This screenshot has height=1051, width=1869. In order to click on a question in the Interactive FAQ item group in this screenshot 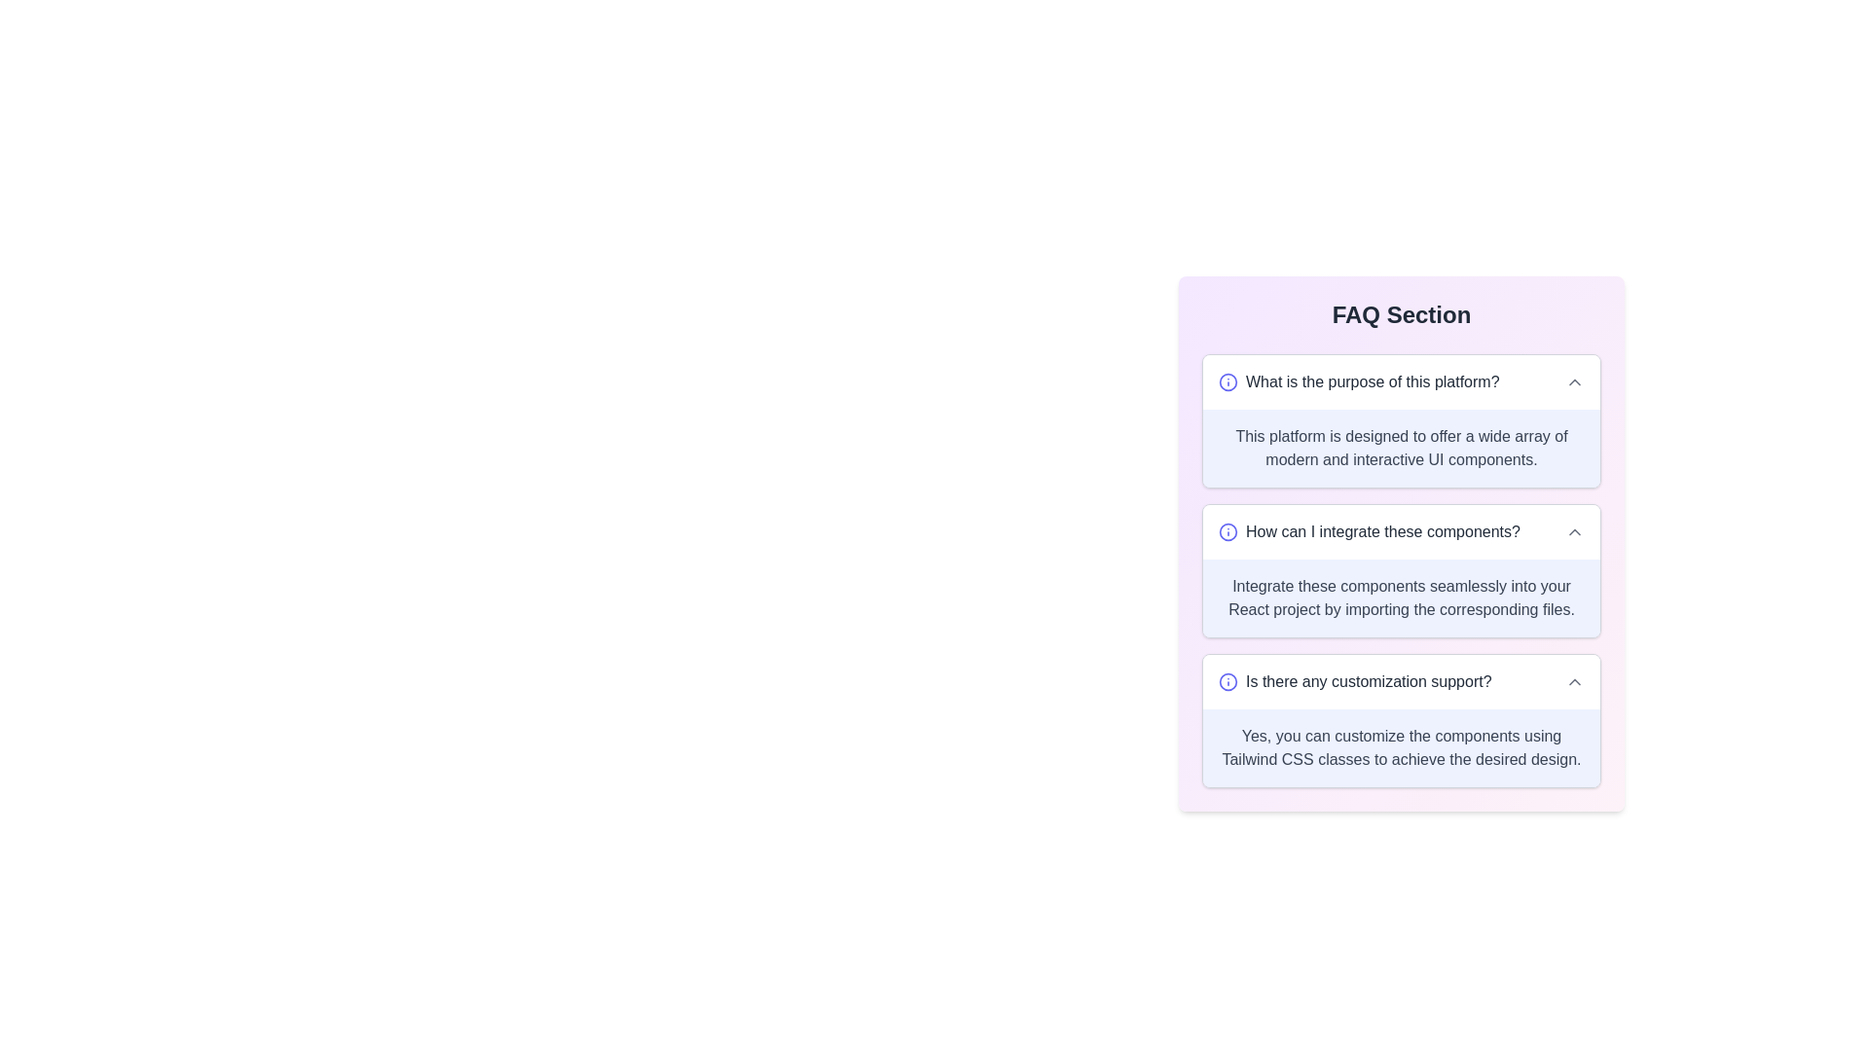, I will do `click(1402, 569)`.